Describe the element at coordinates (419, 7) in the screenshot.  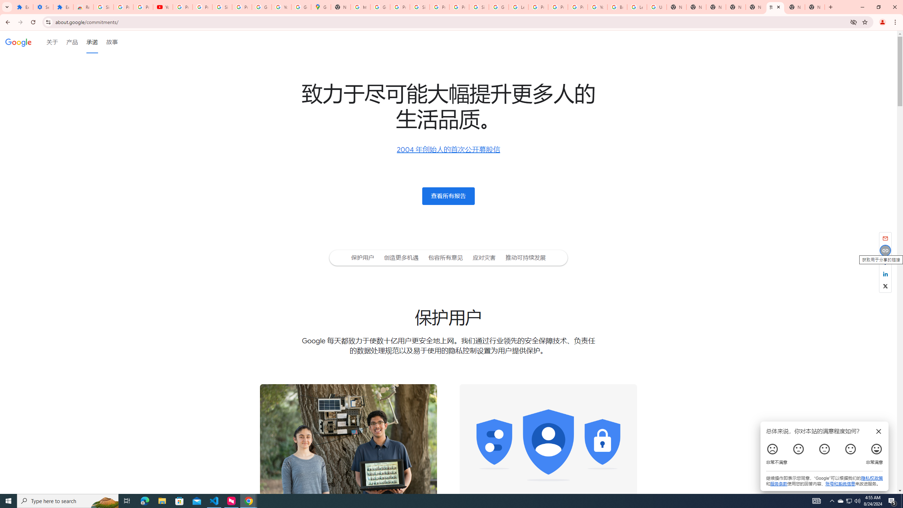
I see `'Sign in - Google Accounts'` at that location.